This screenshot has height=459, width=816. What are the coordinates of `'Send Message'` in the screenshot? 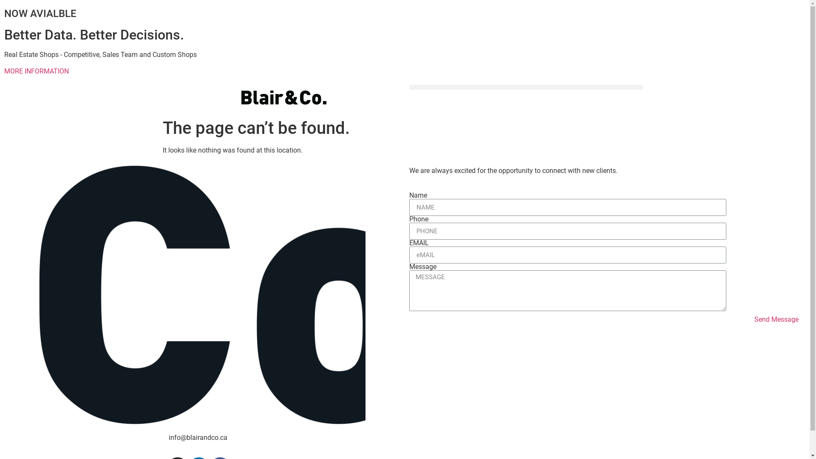 It's located at (776, 320).